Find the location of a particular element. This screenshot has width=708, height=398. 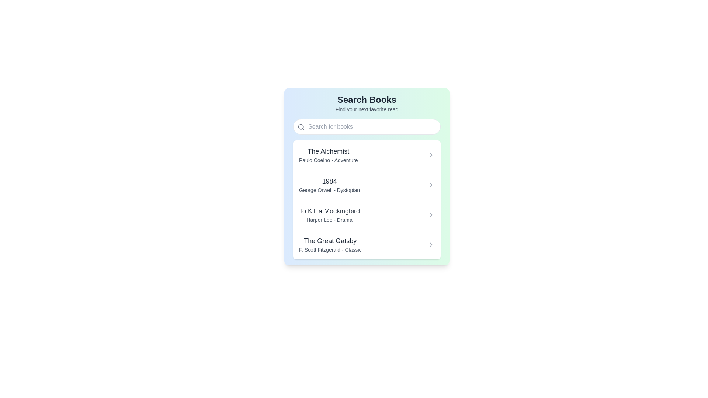

the small right-pointing chevron icon located in the right section of the list item for 'The Great Gatsby F. Scott Fitzgerald - Classic' is located at coordinates (431, 244).